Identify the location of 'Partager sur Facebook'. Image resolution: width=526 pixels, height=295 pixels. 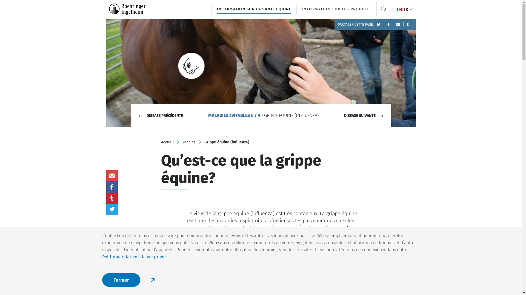
(112, 187).